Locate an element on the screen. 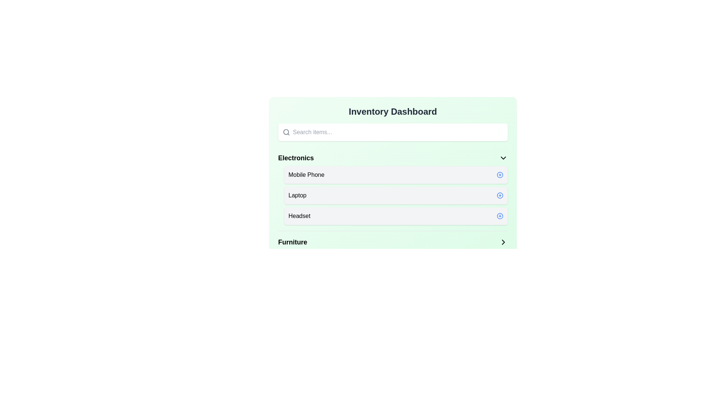  'Plus' button next to the item 'Mobile Phone' to add it is located at coordinates (500, 175).